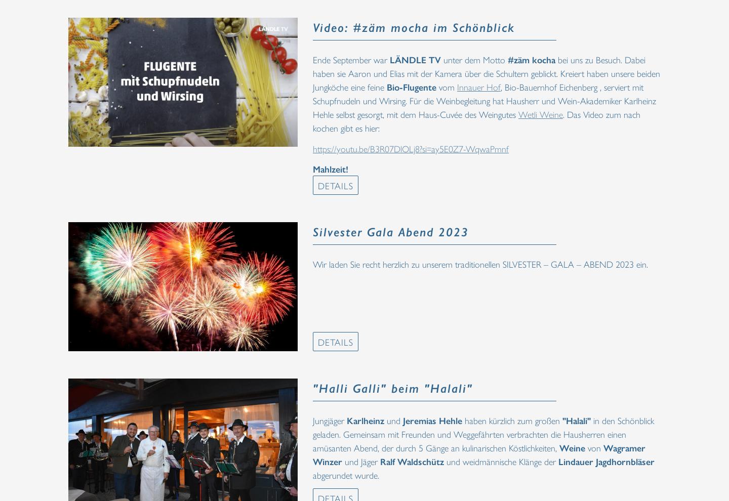  What do you see at coordinates (532, 59) in the screenshot?
I see `'#zäm kocha'` at bounding box center [532, 59].